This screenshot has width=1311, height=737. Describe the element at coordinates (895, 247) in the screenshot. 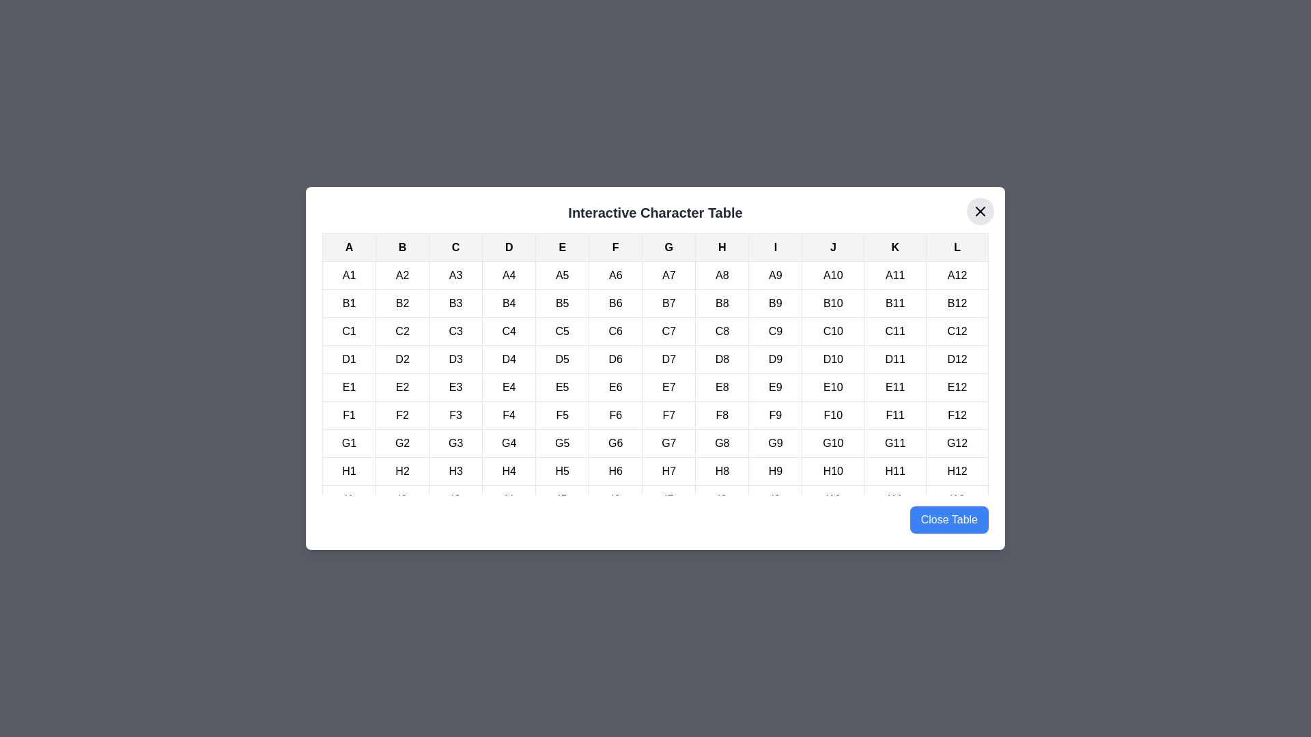

I see `the table header cell labeled K to highlight its column` at that location.